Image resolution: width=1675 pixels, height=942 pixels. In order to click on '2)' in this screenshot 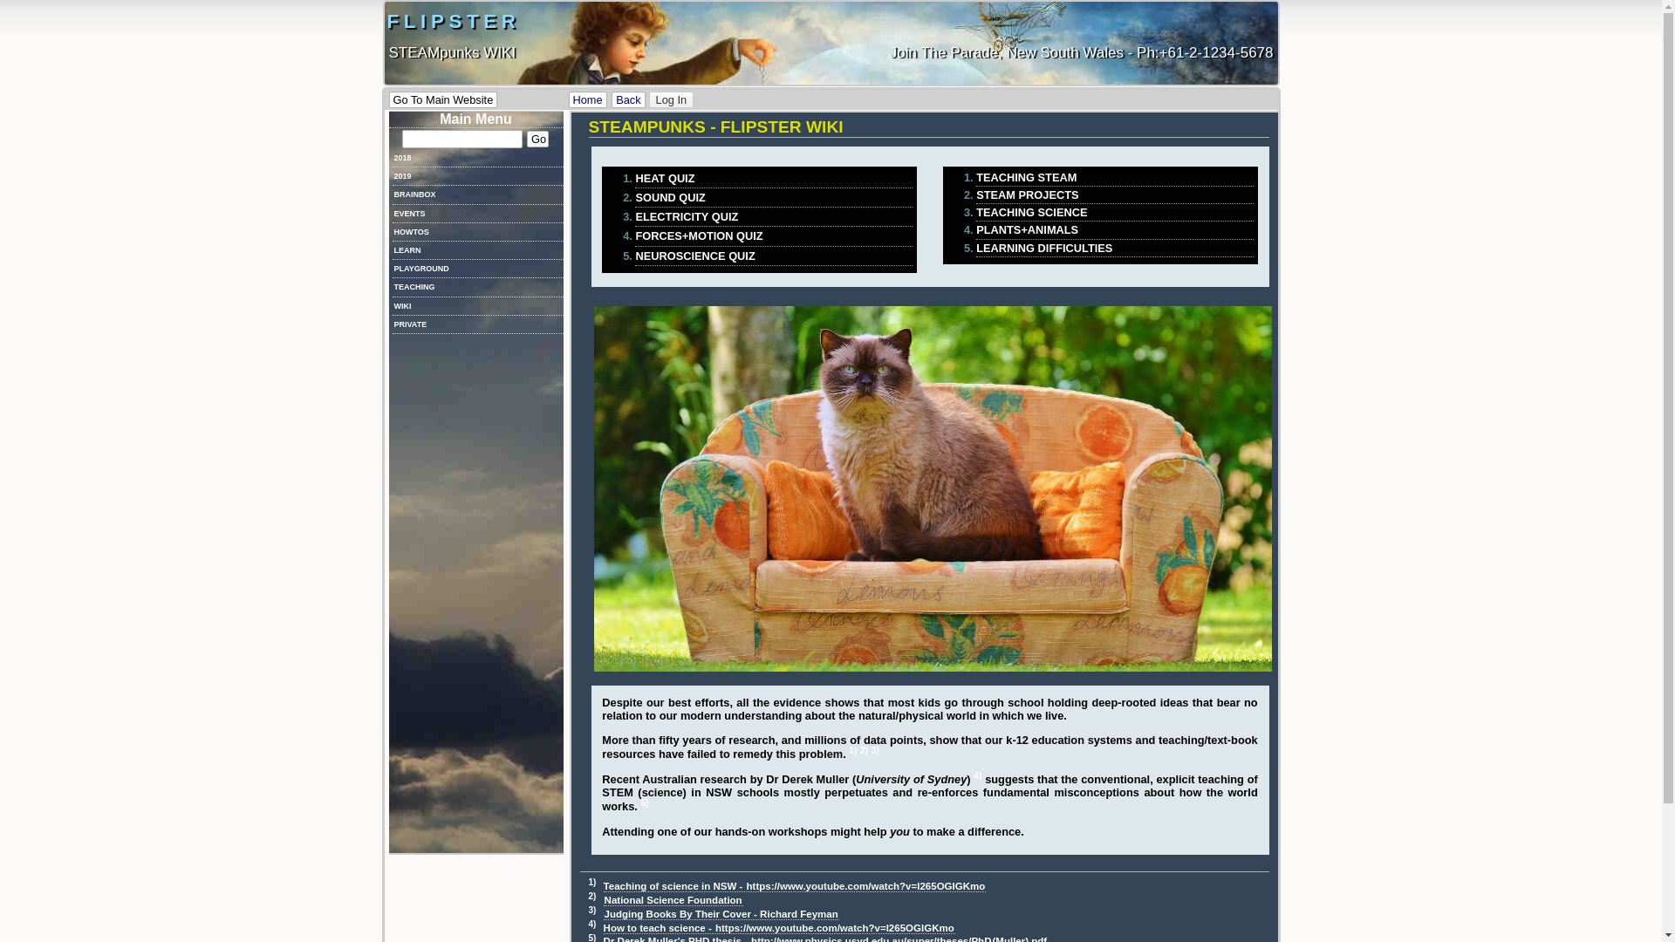, I will do `click(591, 896)`.